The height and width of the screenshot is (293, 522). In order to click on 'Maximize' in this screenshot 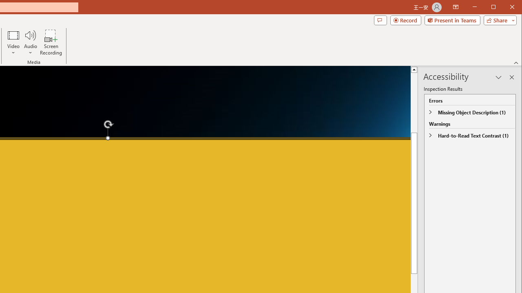, I will do `click(505, 8)`.